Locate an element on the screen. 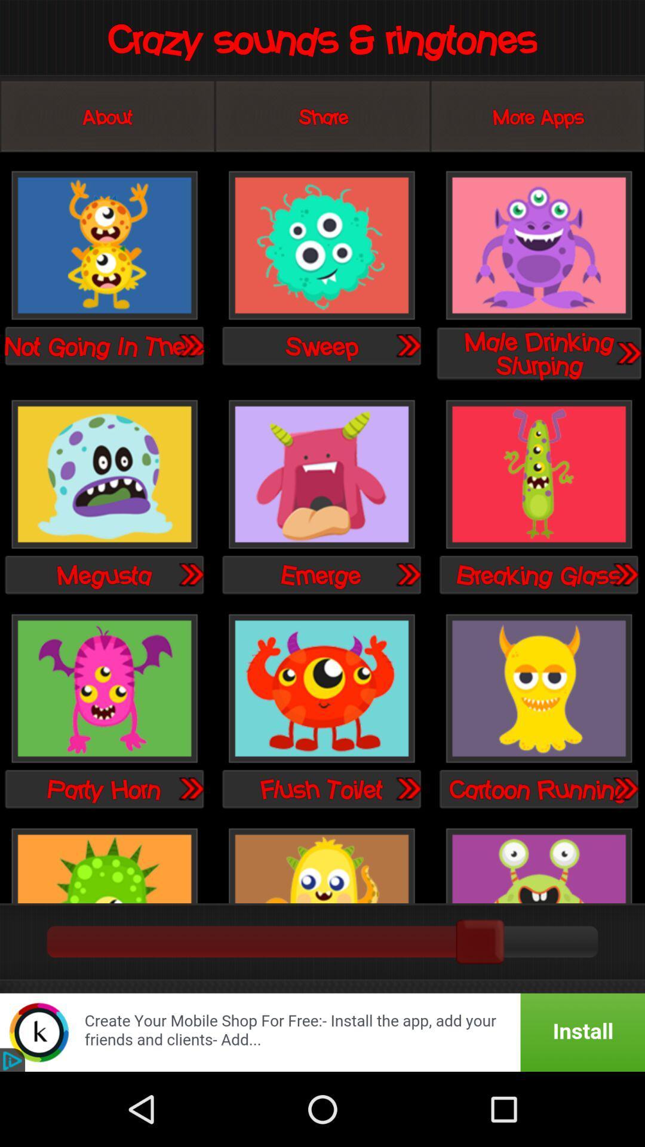  breaking glass sound is located at coordinates (539, 474).